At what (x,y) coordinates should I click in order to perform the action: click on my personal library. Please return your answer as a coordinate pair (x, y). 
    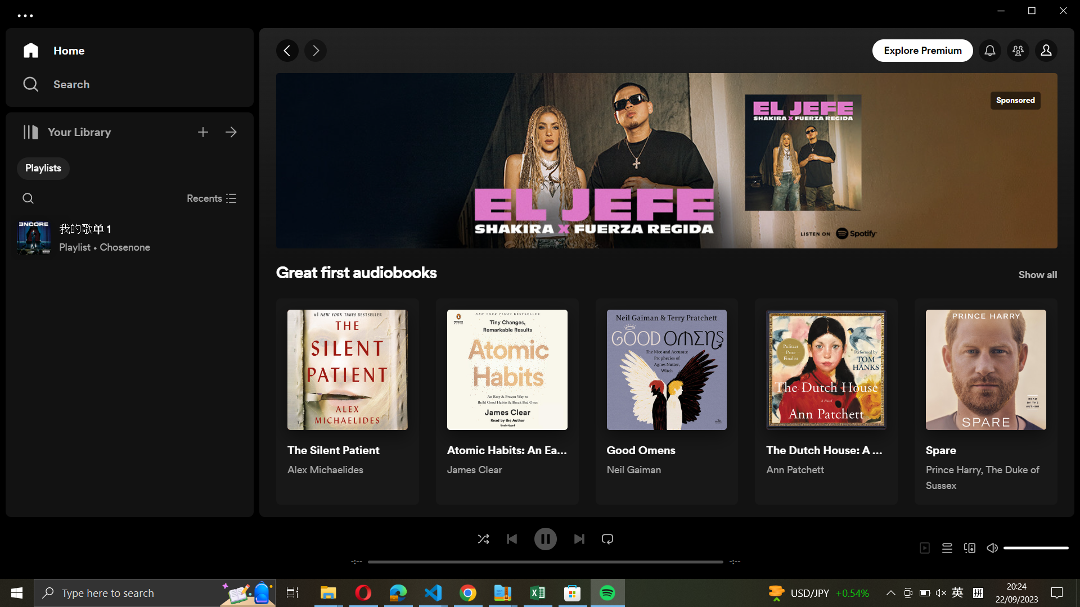
    Looking at the image, I should click on (231, 130).